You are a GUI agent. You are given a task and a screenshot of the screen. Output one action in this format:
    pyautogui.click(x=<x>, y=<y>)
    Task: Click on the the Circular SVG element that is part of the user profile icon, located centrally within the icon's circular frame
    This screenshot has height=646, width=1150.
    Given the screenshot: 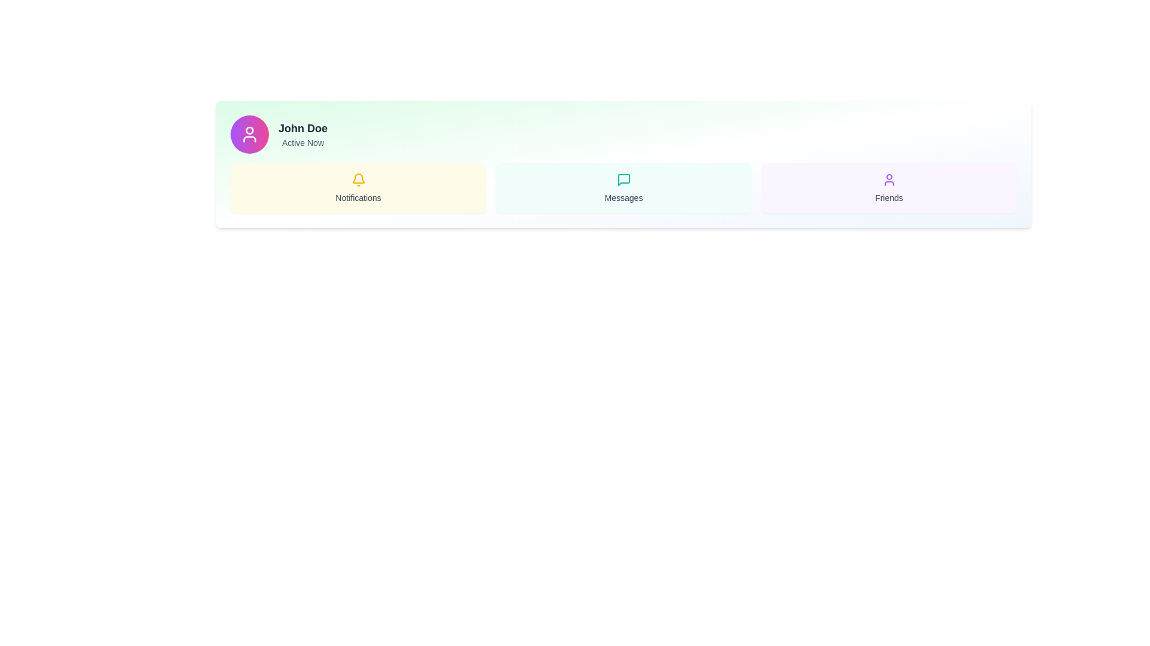 What is the action you would take?
    pyautogui.click(x=249, y=130)
    